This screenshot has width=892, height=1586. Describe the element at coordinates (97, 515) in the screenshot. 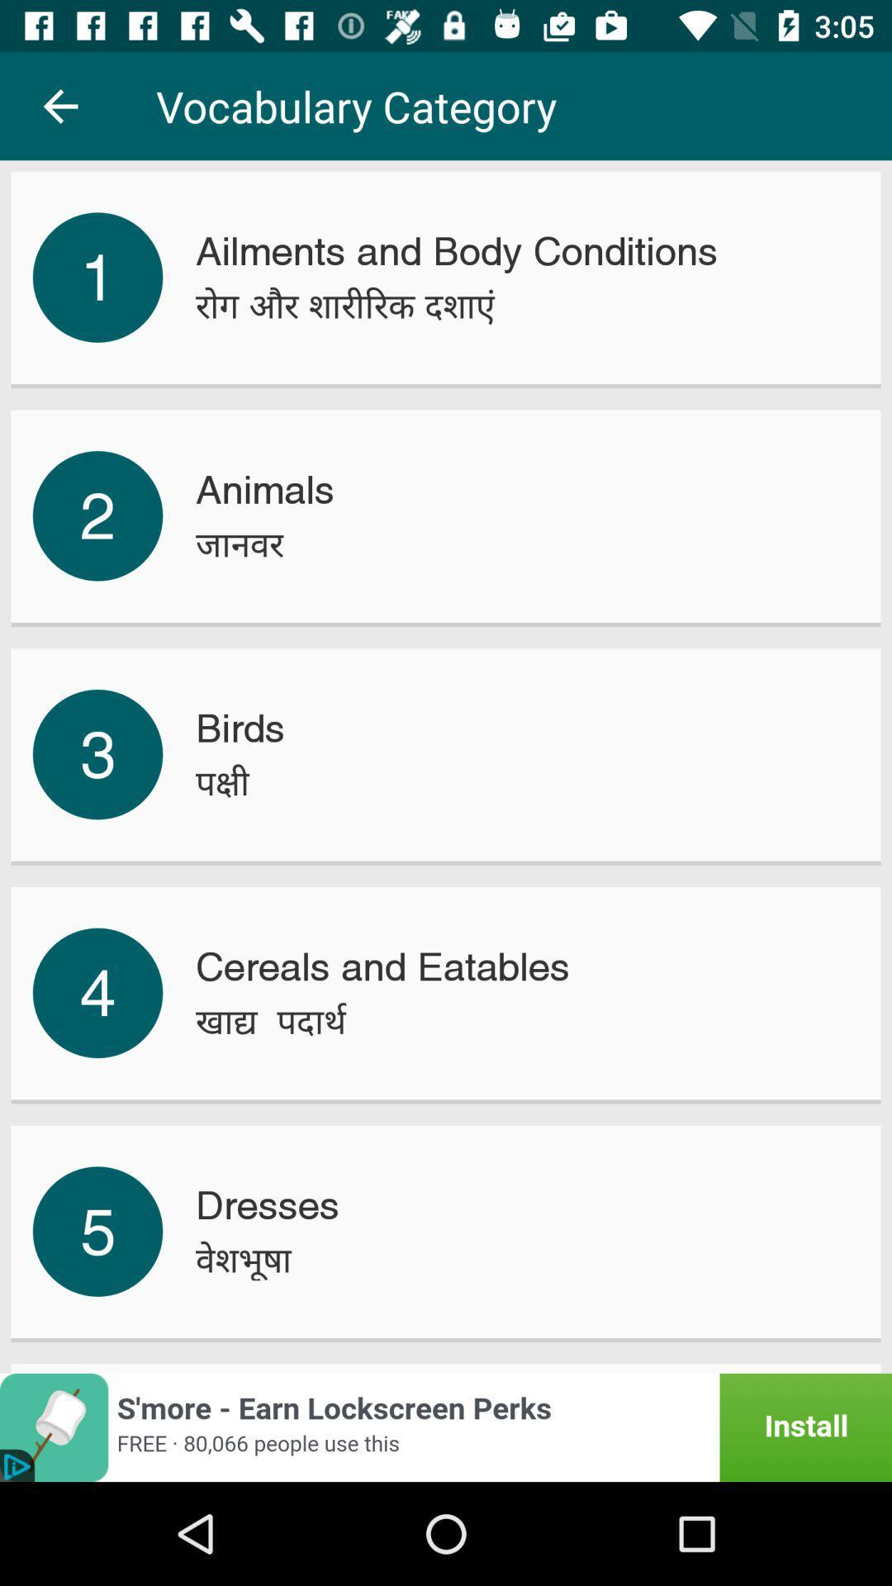

I see `the icon next to animals` at that location.